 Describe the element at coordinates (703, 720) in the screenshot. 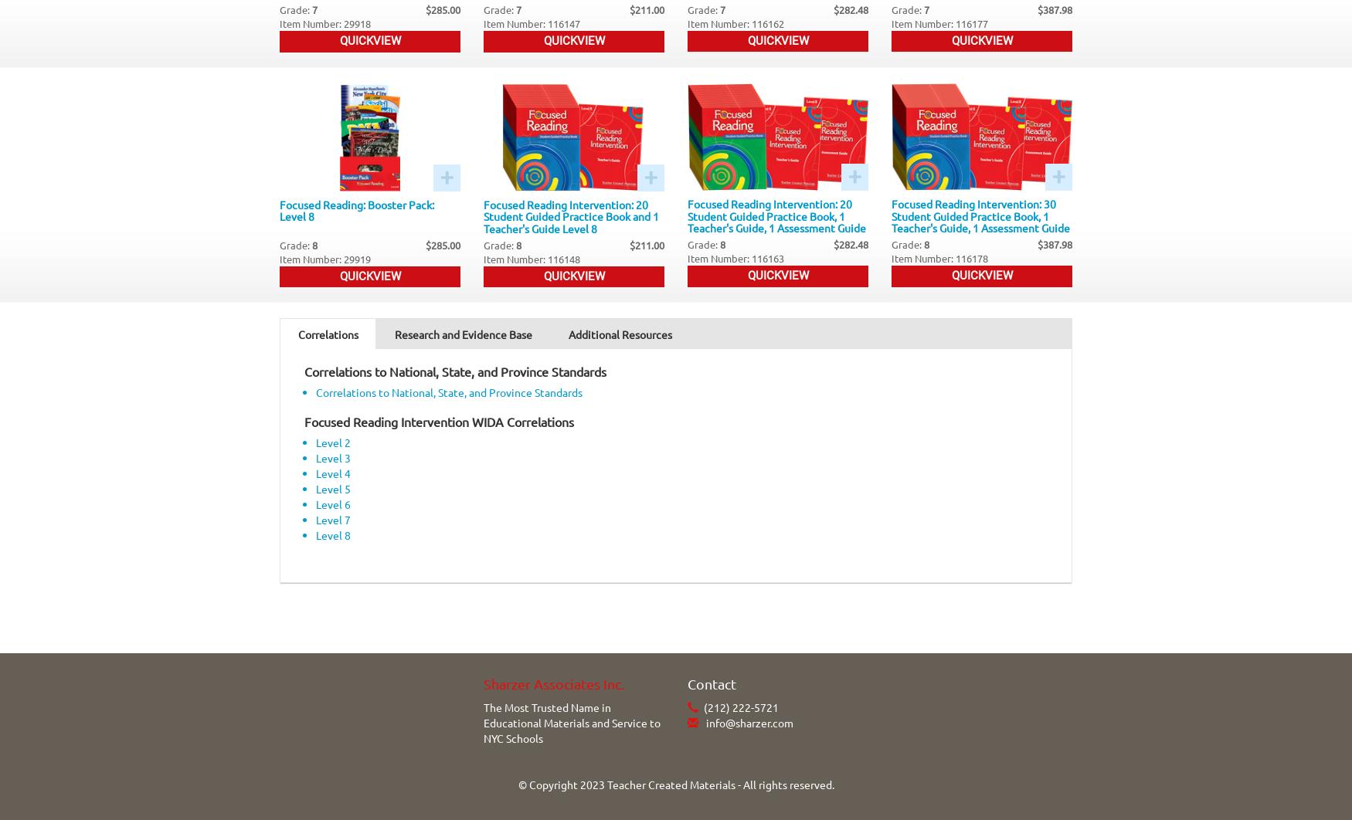

I see `'info@sharzer.com'` at that location.